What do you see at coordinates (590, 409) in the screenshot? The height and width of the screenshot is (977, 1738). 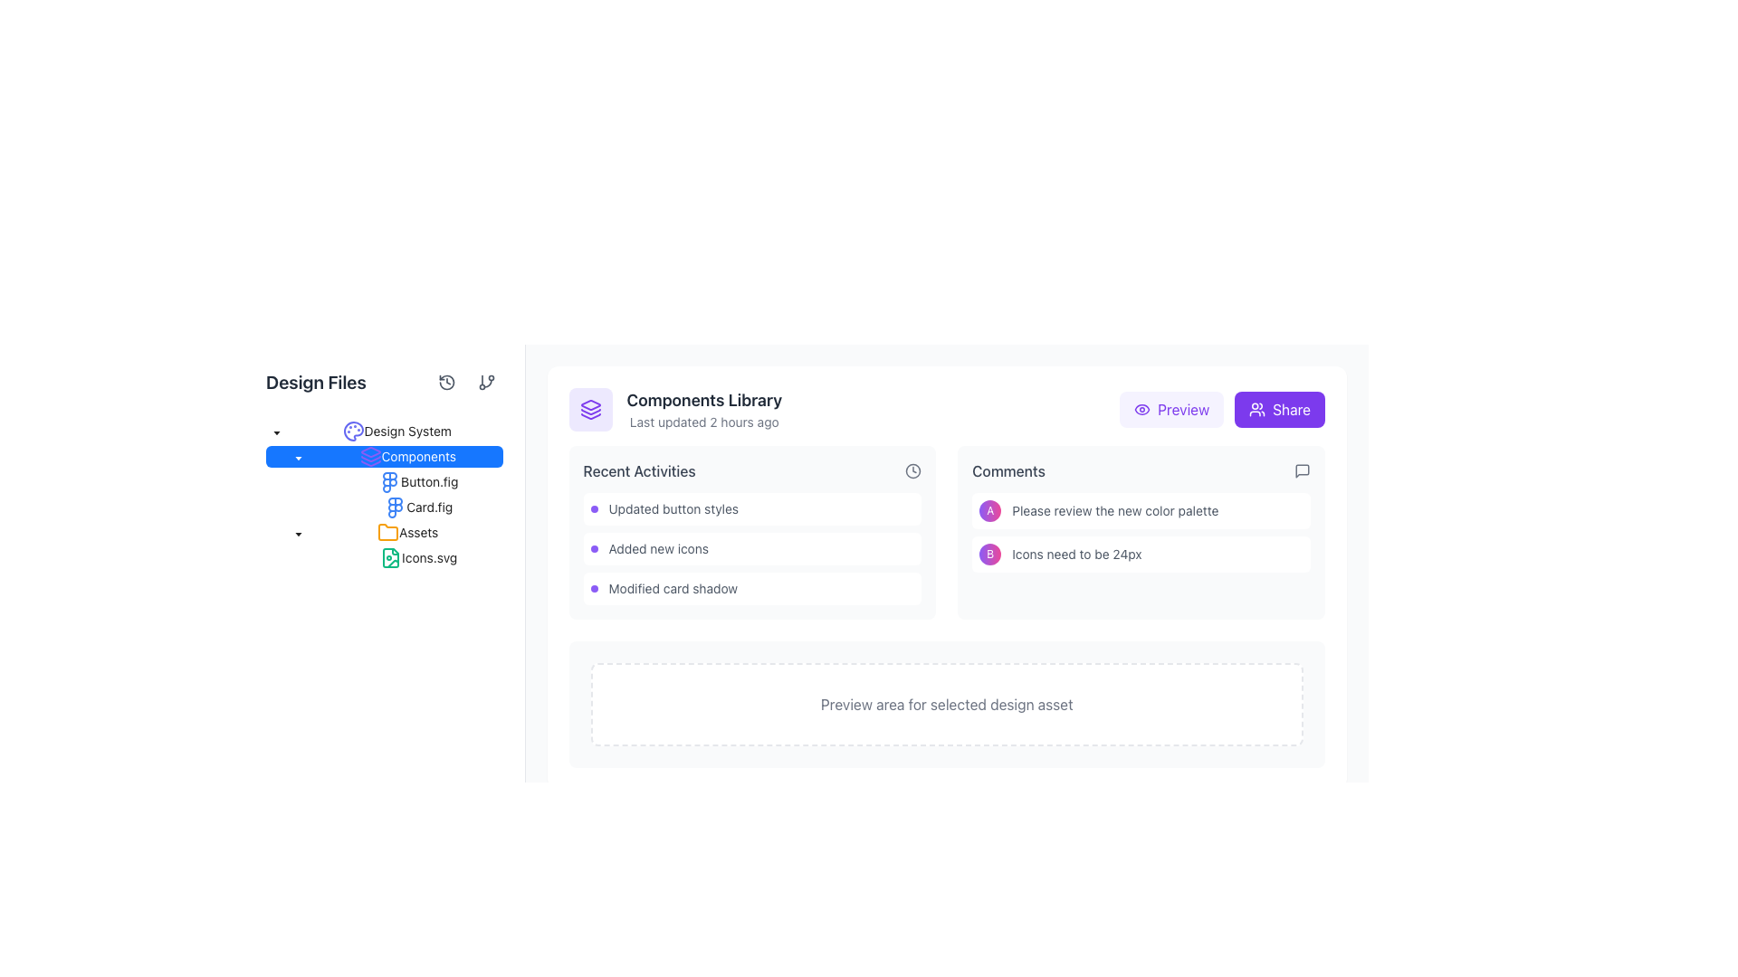 I see `the circular violet button with a white stacked layers icon located next to the 'Components Library' title` at bounding box center [590, 409].